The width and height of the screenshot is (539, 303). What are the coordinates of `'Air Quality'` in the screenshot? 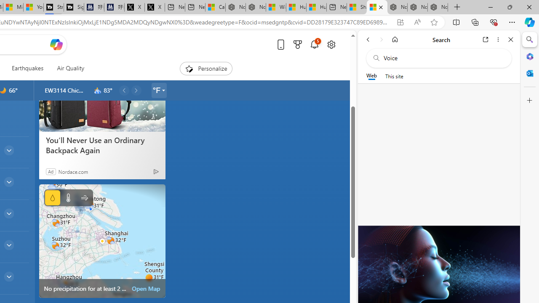 It's located at (67, 68).